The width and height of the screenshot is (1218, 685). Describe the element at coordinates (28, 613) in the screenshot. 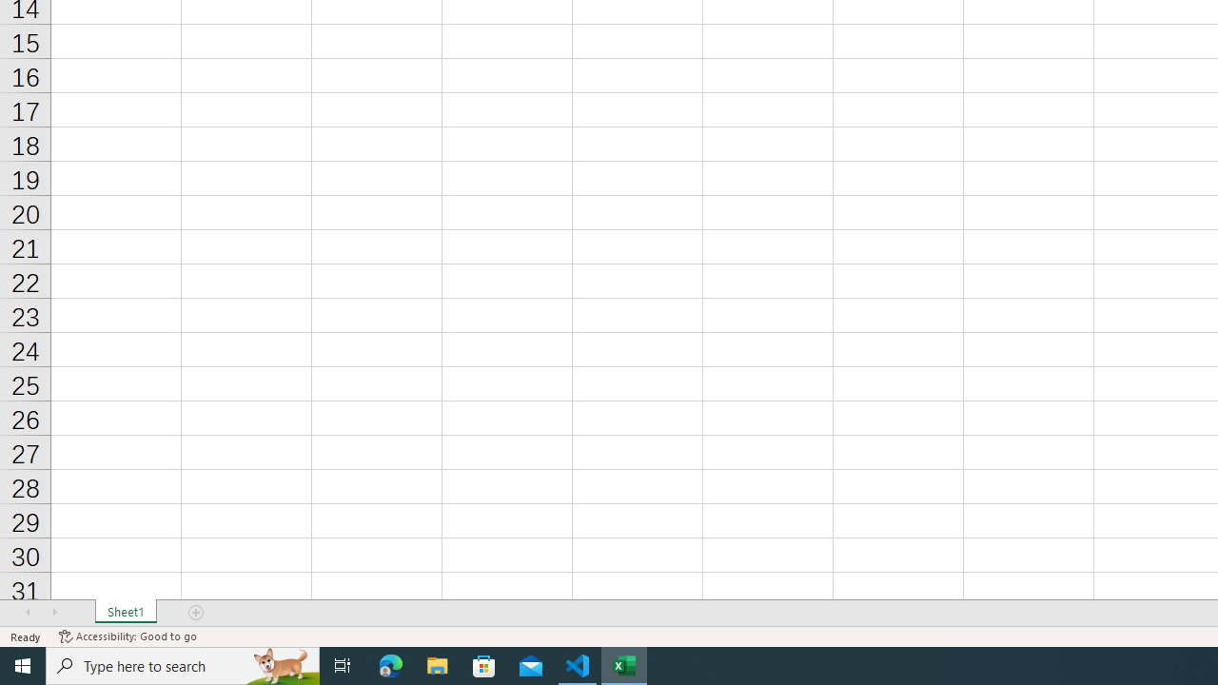

I see `'Scroll Left'` at that location.